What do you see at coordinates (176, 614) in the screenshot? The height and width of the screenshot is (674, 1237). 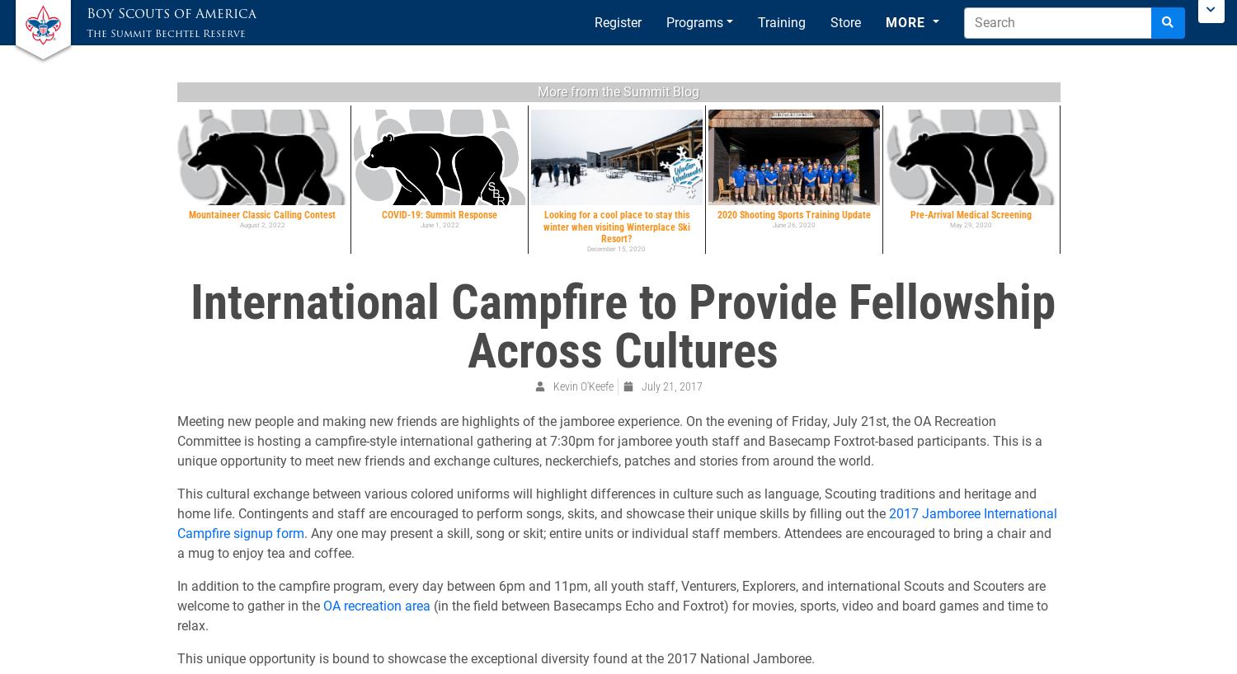 I see `'(in the field between Basecamps Echo and Foxtrot) for movies, sports, video and board games and time to relax.'` at bounding box center [176, 614].